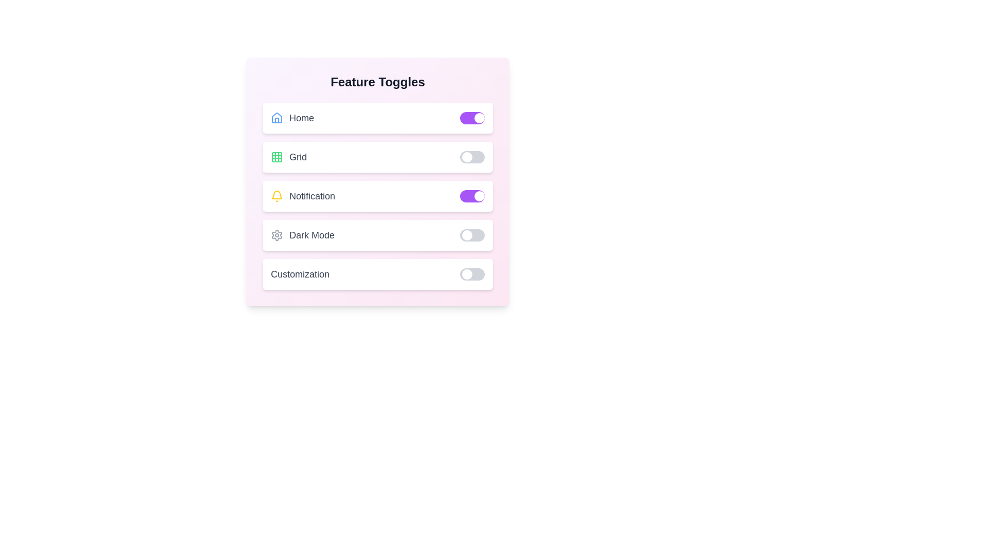  Describe the element at coordinates (466, 273) in the screenshot. I see `the circular knob of the toggle switch located next` at that location.